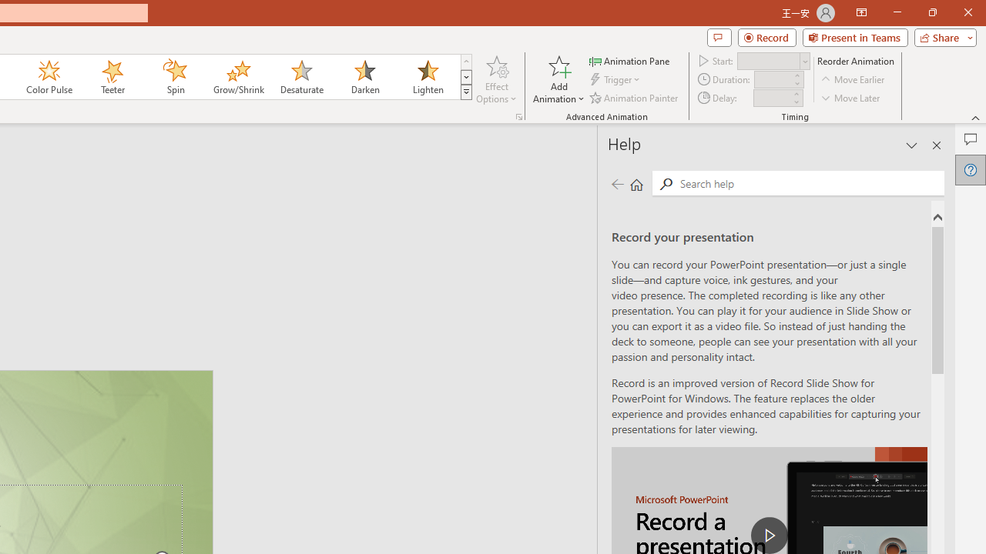 This screenshot has height=554, width=986. I want to click on 'Animation Pane', so click(630, 60).